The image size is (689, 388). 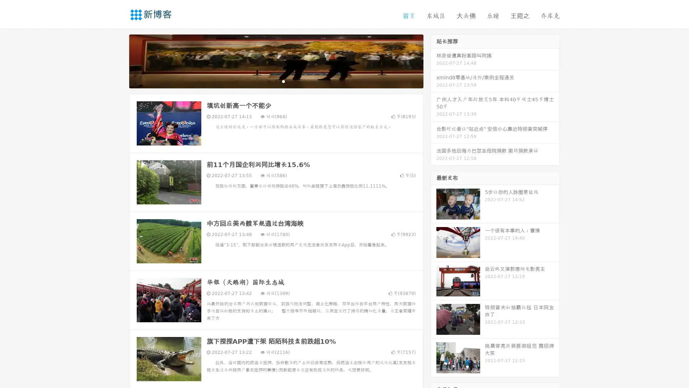 I want to click on Next slide, so click(x=433, y=60).